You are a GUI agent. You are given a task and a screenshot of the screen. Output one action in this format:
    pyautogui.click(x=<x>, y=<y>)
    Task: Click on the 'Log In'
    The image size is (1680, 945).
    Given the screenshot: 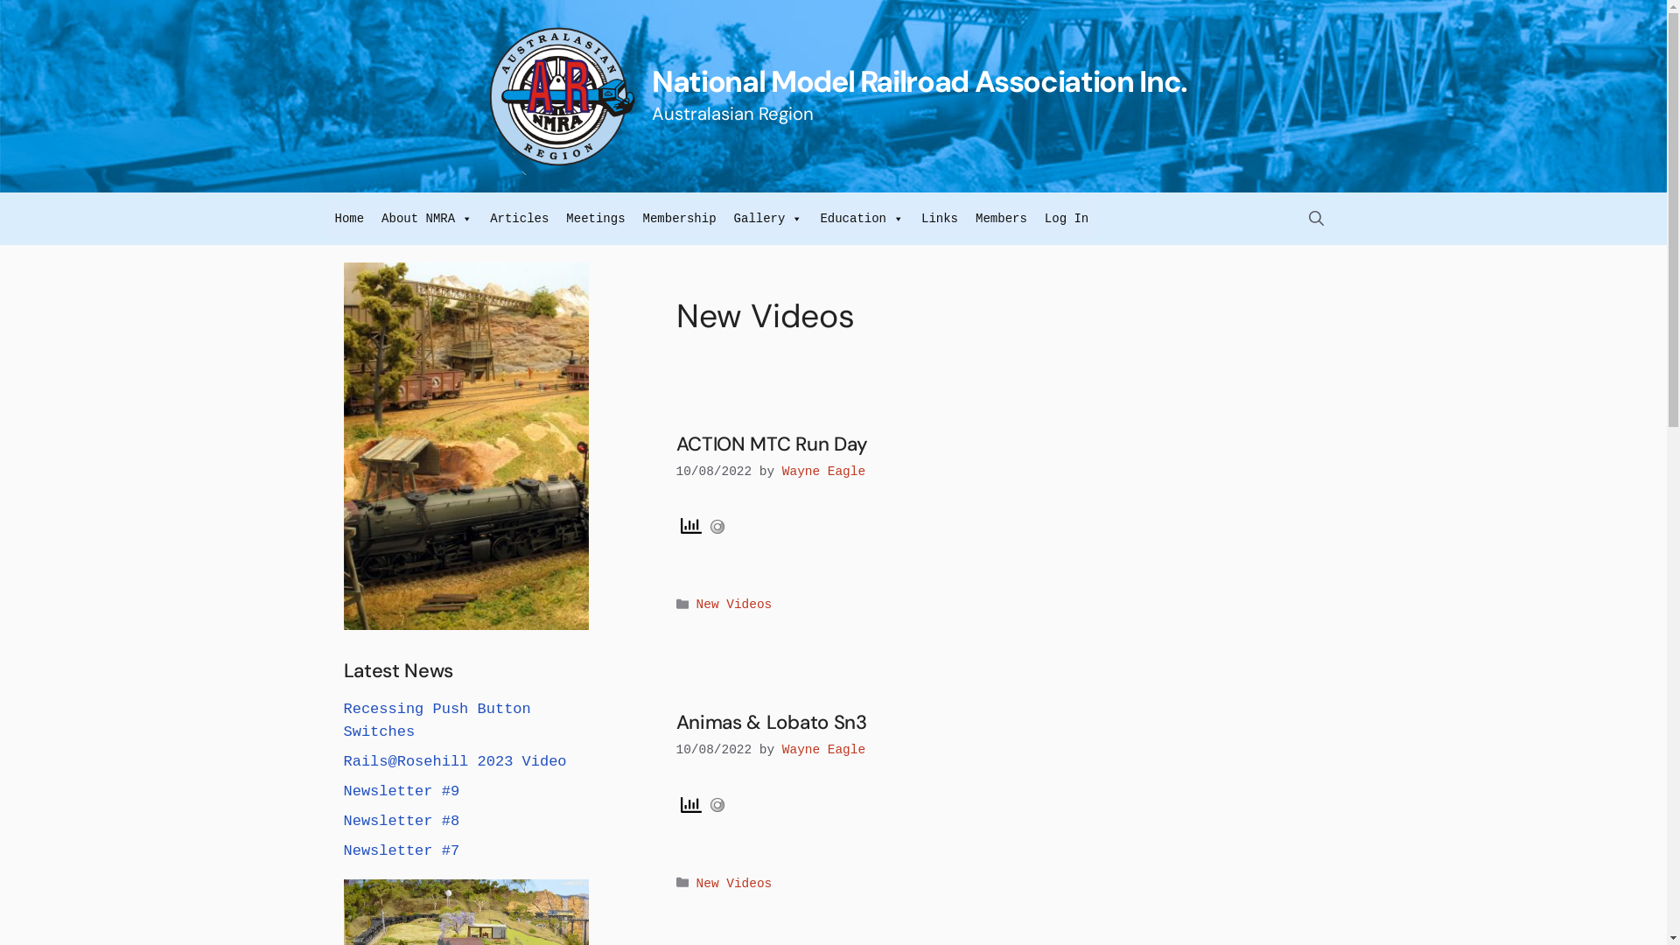 What is the action you would take?
    pyautogui.click(x=1066, y=218)
    